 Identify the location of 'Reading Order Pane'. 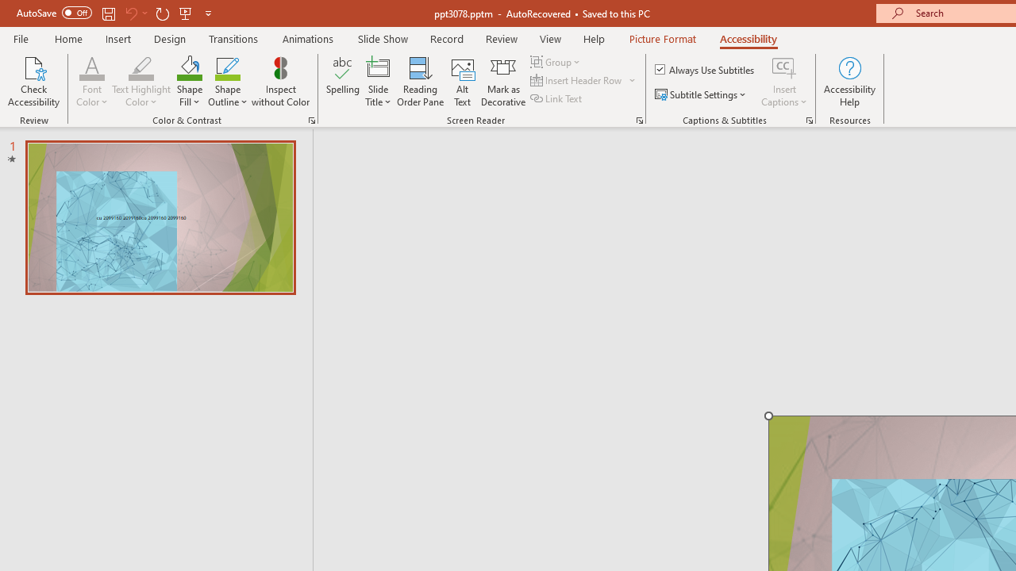
(420, 82).